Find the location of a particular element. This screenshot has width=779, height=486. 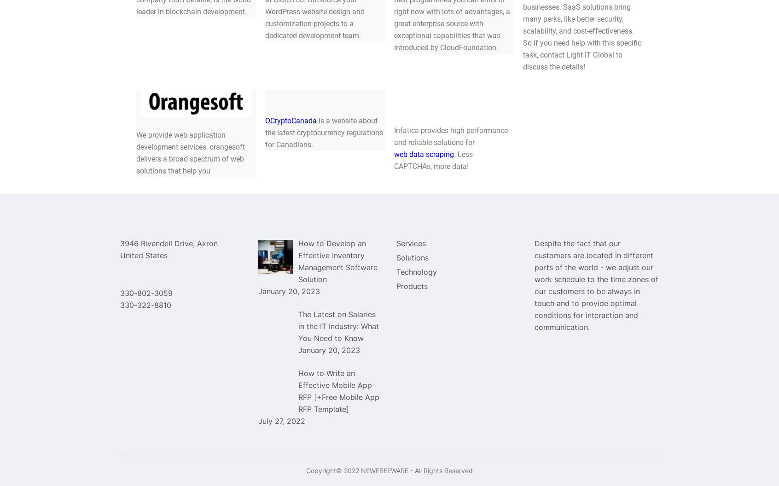

'Technology' is located at coordinates (416, 271).